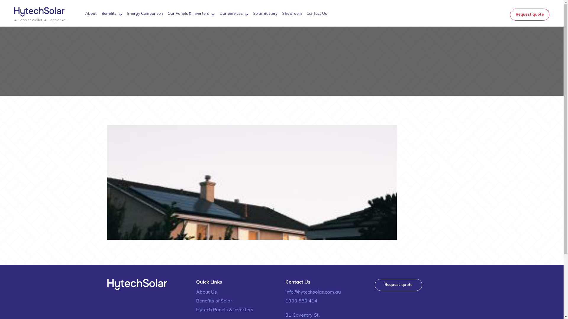  What do you see at coordinates (188, 13) in the screenshot?
I see `'Our Panels & Inverters'` at bounding box center [188, 13].